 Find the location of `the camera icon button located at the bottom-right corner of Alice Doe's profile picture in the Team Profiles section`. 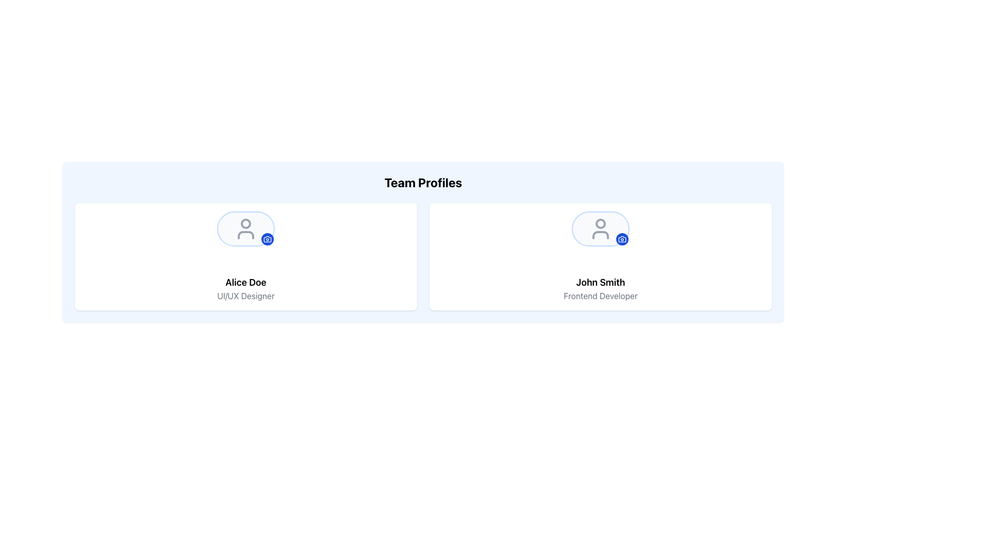

the camera icon button located at the bottom-right corner of Alice Doe's profile picture in the Team Profiles section is located at coordinates (267, 239).